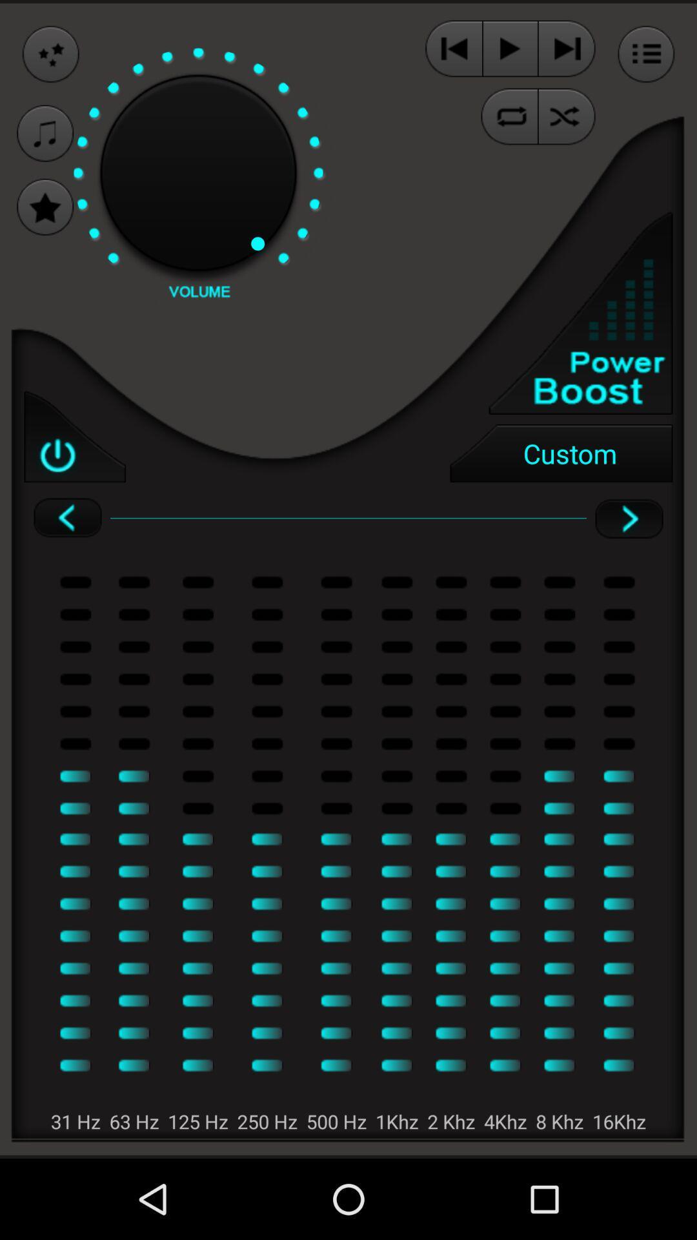 The height and width of the screenshot is (1240, 697). Describe the element at coordinates (566, 52) in the screenshot. I see `the skip_next icon` at that location.